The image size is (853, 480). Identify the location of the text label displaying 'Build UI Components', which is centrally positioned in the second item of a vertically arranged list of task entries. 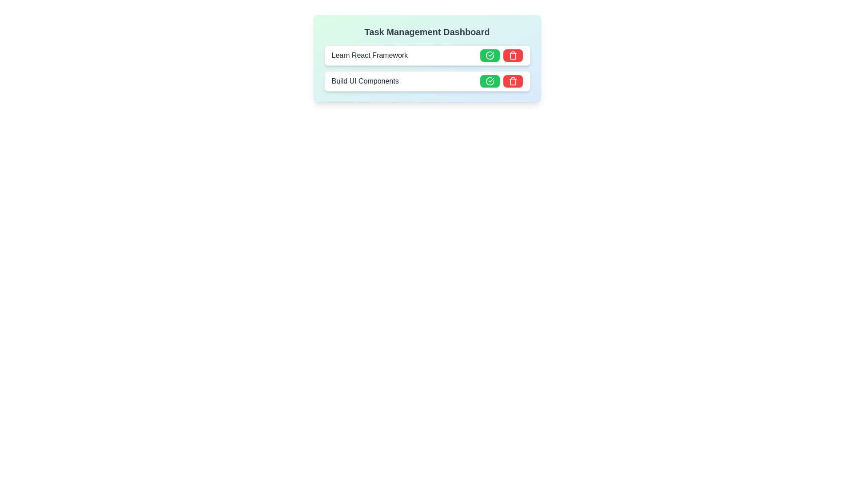
(365, 81).